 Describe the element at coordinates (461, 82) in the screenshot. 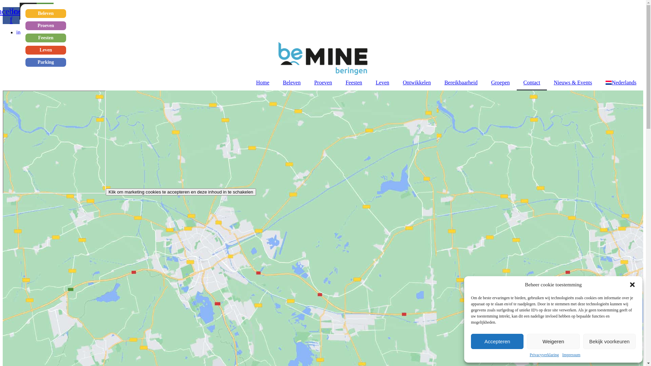

I see `'Bereikbaarheid'` at that location.